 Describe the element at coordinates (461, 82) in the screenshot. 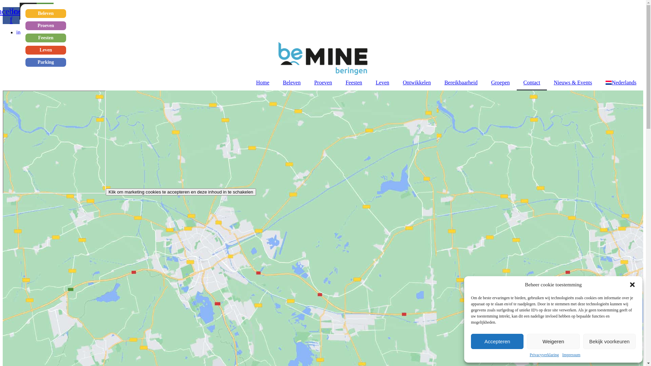

I see `'Bereikbaarheid'` at that location.